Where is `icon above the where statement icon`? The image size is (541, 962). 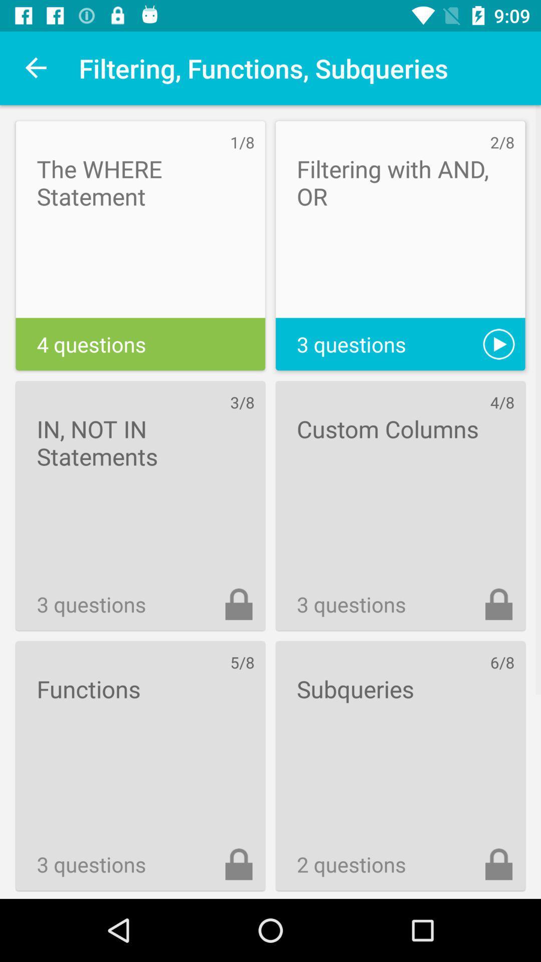
icon above the where statement icon is located at coordinates (36, 68).